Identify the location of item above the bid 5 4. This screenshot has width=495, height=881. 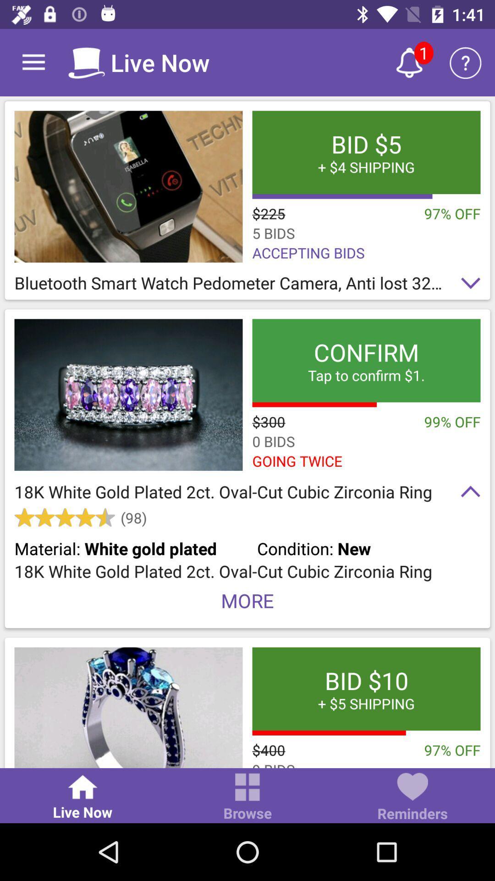
(409, 62).